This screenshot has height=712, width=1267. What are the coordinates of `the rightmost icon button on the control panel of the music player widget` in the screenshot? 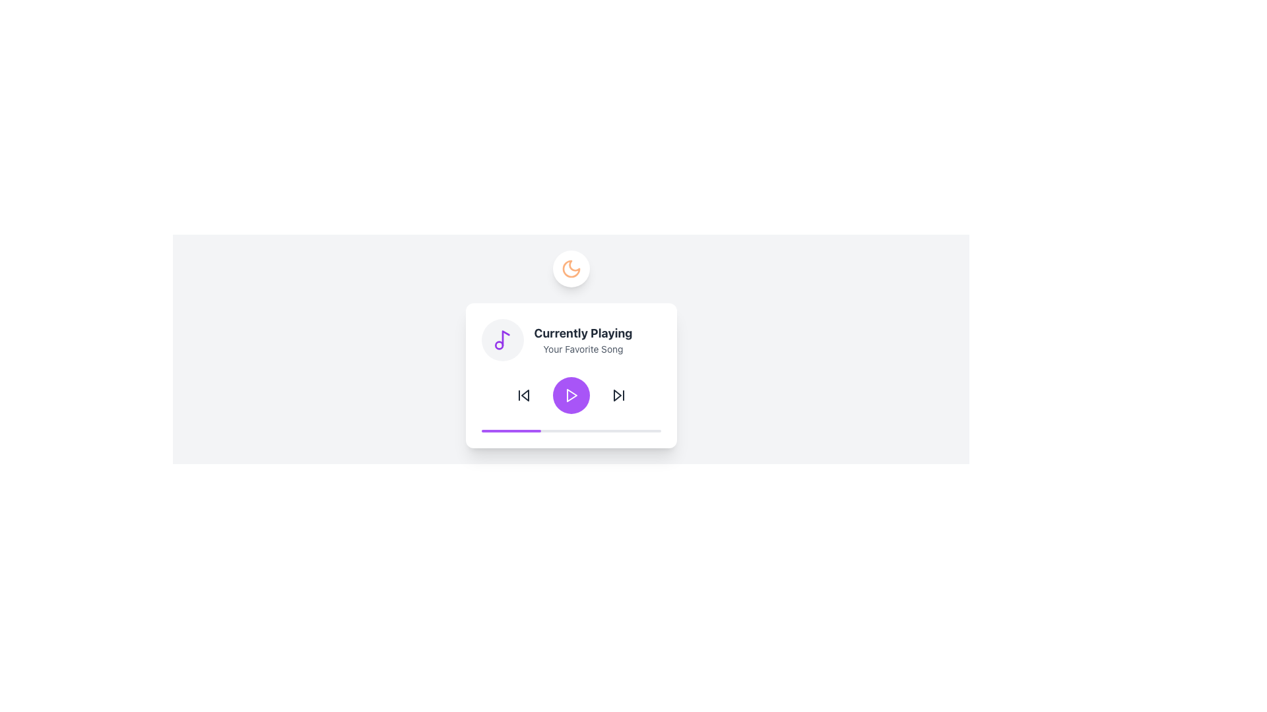 It's located at (618, 395).